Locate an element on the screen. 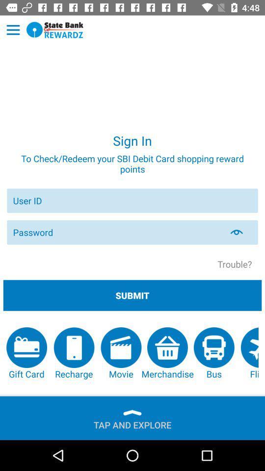 The height and width of the screenshot is (471, 265). the item to the right of recharge app is located at coordinates (121, 353).